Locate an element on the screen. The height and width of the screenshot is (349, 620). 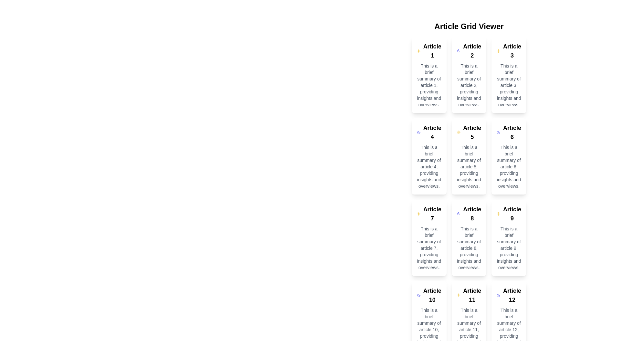
the Textual Label that serves as the header for the article card titled 'Article 5', located in the second row, second column of the grid layout is located at coordinates (469, 132).